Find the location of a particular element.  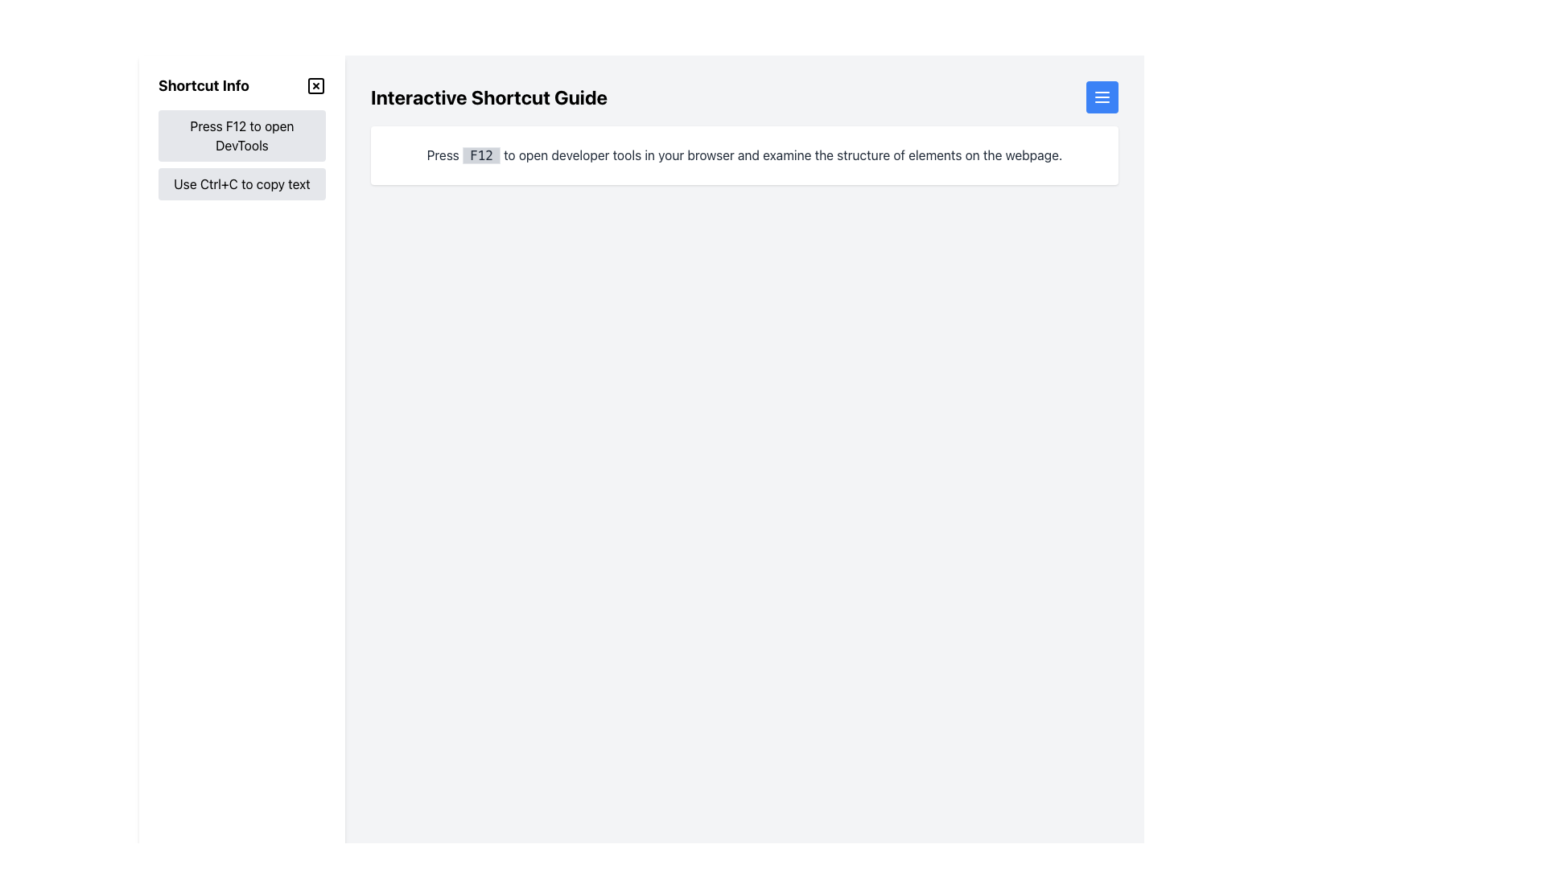

the Text Panel that contains the text 'Press F12 to open developer tools in your browser and examine the structure of elements on the webpage.' is located at coordinates (744, 155).